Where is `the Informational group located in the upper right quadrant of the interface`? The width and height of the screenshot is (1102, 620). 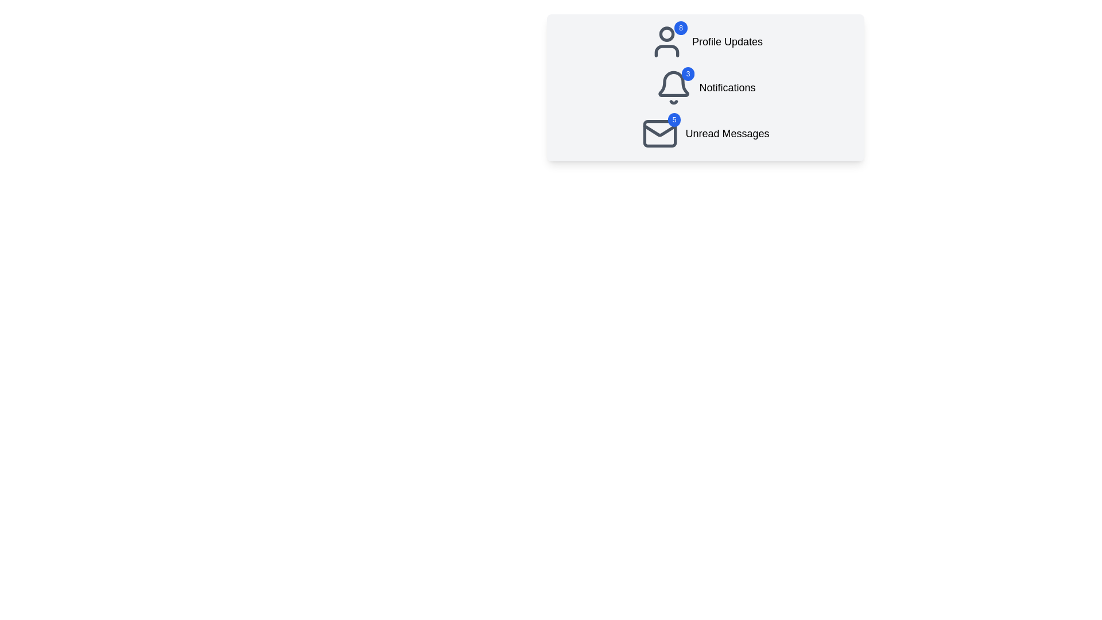
the Informational group located in the upper right quadrant of the interface is located at coordinates (705, 87).